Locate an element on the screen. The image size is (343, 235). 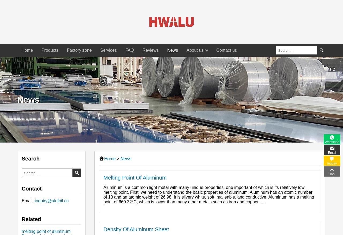
'Products' is located at coordinates (50, 50).